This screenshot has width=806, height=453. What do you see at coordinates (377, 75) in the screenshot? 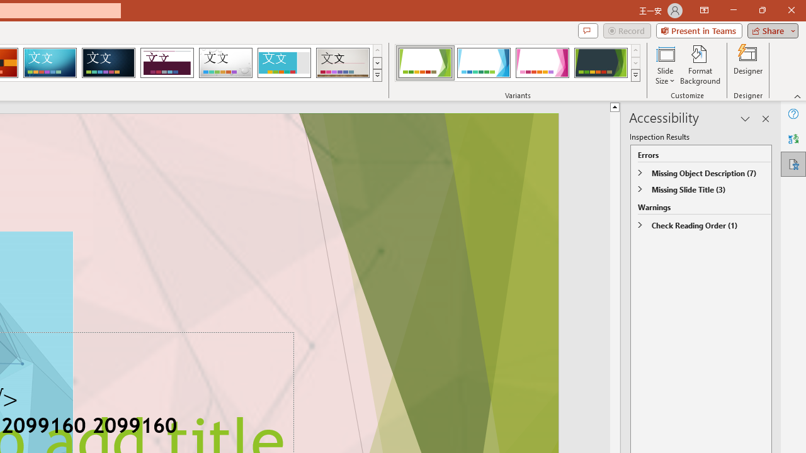
I see `'Themes'` at bounding box center [377, 75].